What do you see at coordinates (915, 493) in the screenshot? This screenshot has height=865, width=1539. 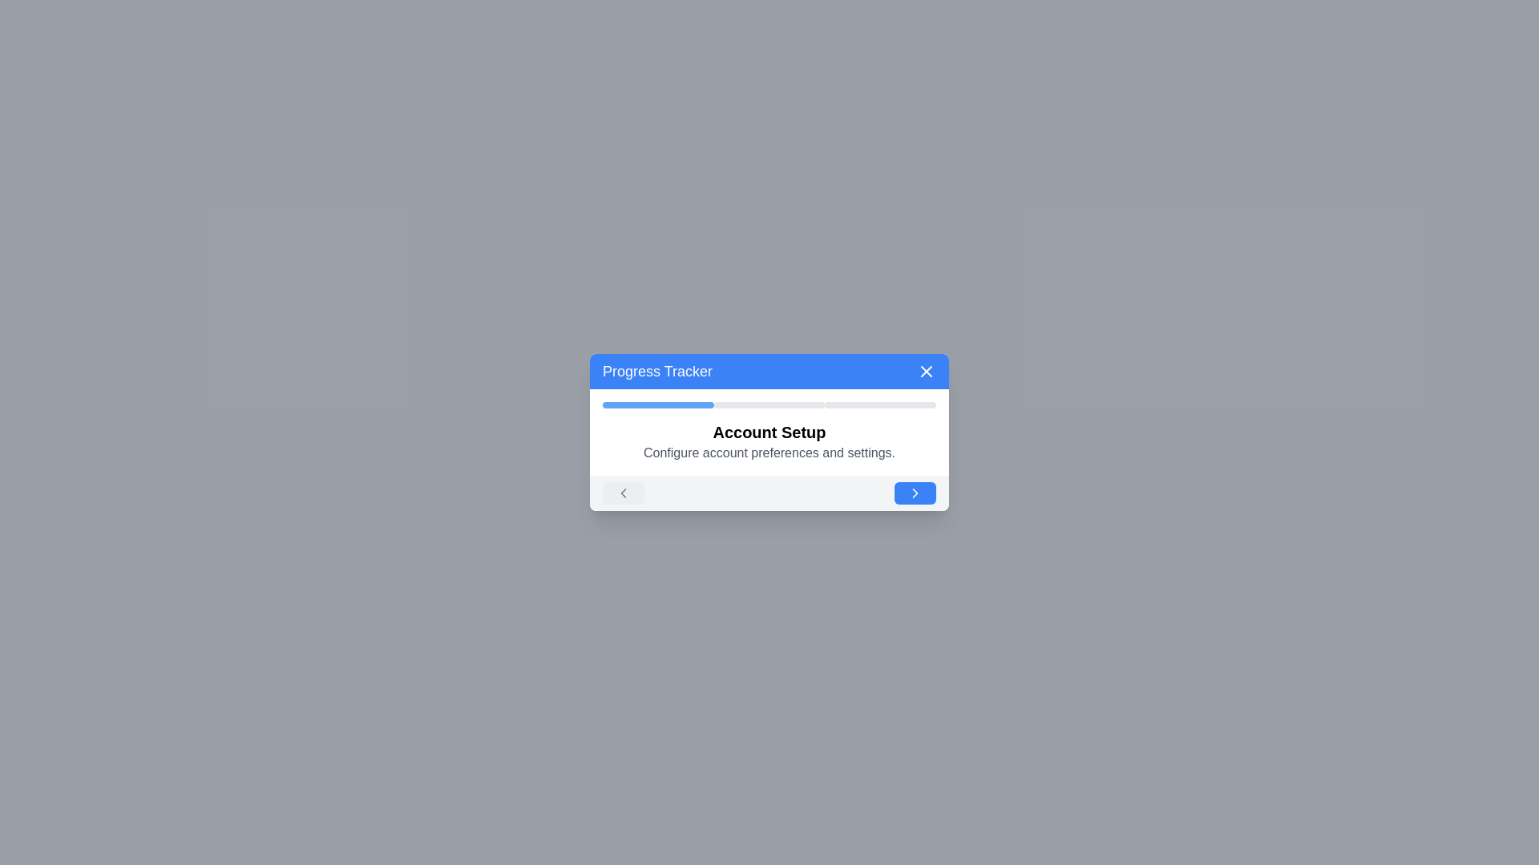 I see `the blue rectangular button with rounded corners and a forward arrow icon, located near the bottom-right corner of the dialog box` at bounding box center [915, 493].